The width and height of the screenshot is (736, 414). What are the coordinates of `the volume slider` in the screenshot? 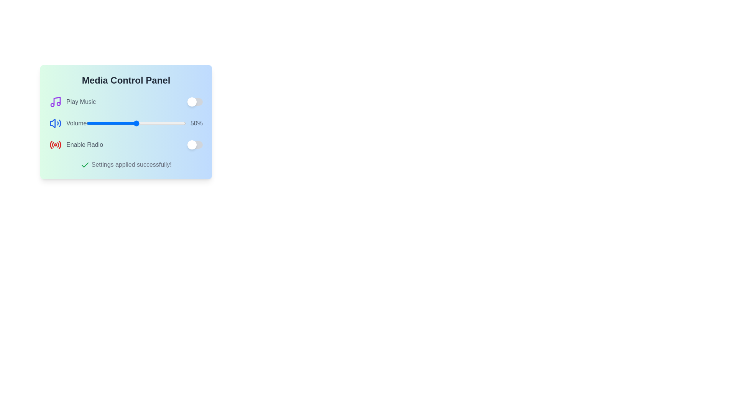 It's located at (144, 123).